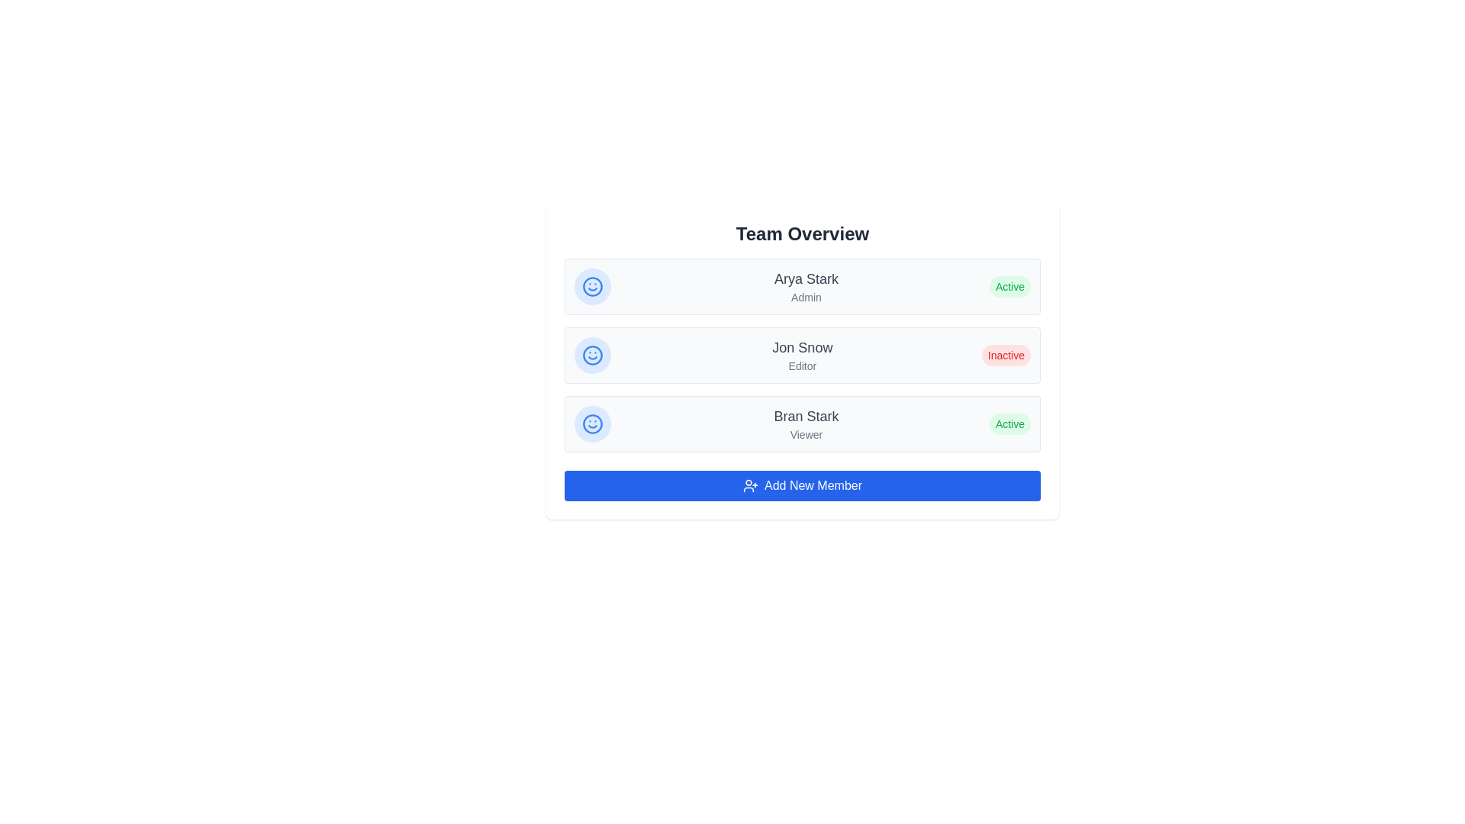 This screenshot has width=1465, height=824. What do you see at coordinates (592, 286) in the screenshot?
I see `the blue circular SVG element that represents the face outline of the smiley face icon located next to the text 'Arya Stark' and 'Admin'` at bounding box center [592, 286].